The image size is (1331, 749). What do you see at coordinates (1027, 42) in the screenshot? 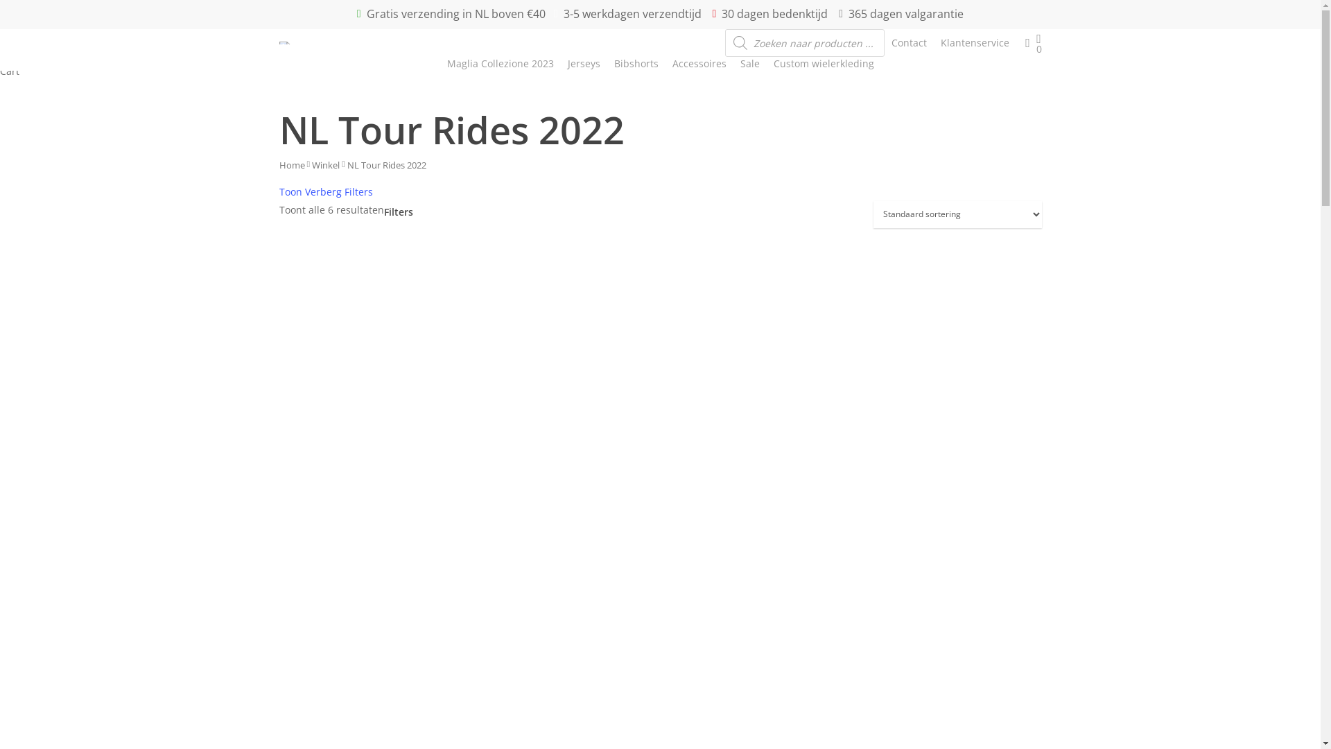
I see `'account'` at bounding box center [1027, 42].